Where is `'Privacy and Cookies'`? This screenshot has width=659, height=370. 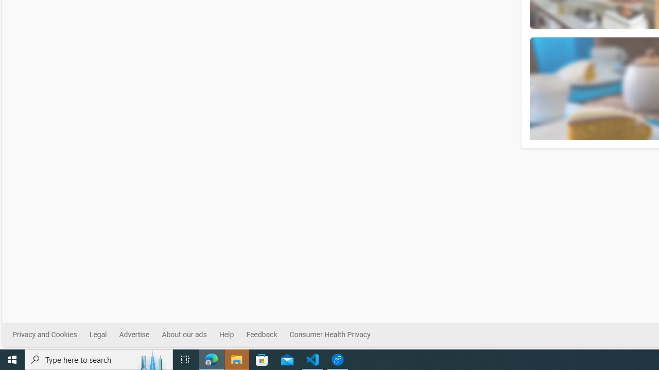
'Privacy and Cookies' is located at coordinates (50, 335).